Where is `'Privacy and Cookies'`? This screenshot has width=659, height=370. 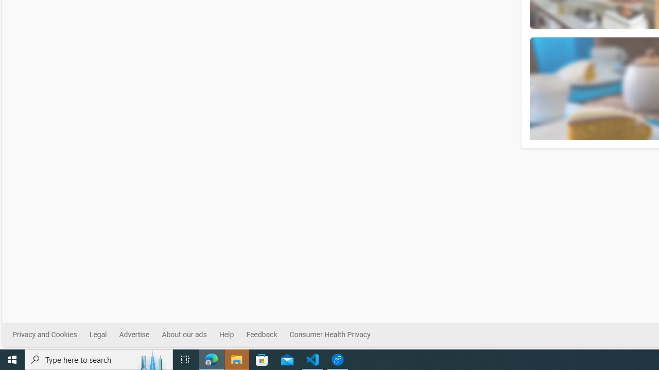
'Privacy and Cookies' is located at coordinates (50, 335).